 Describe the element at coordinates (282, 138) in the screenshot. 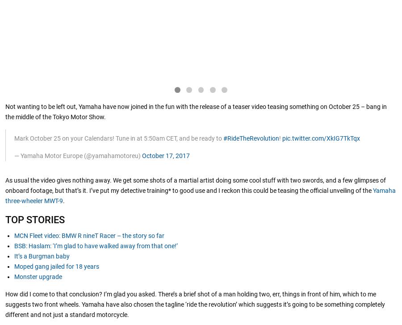

I see `'pic.twitter.com/XkIG7TkTqx'` at that location.